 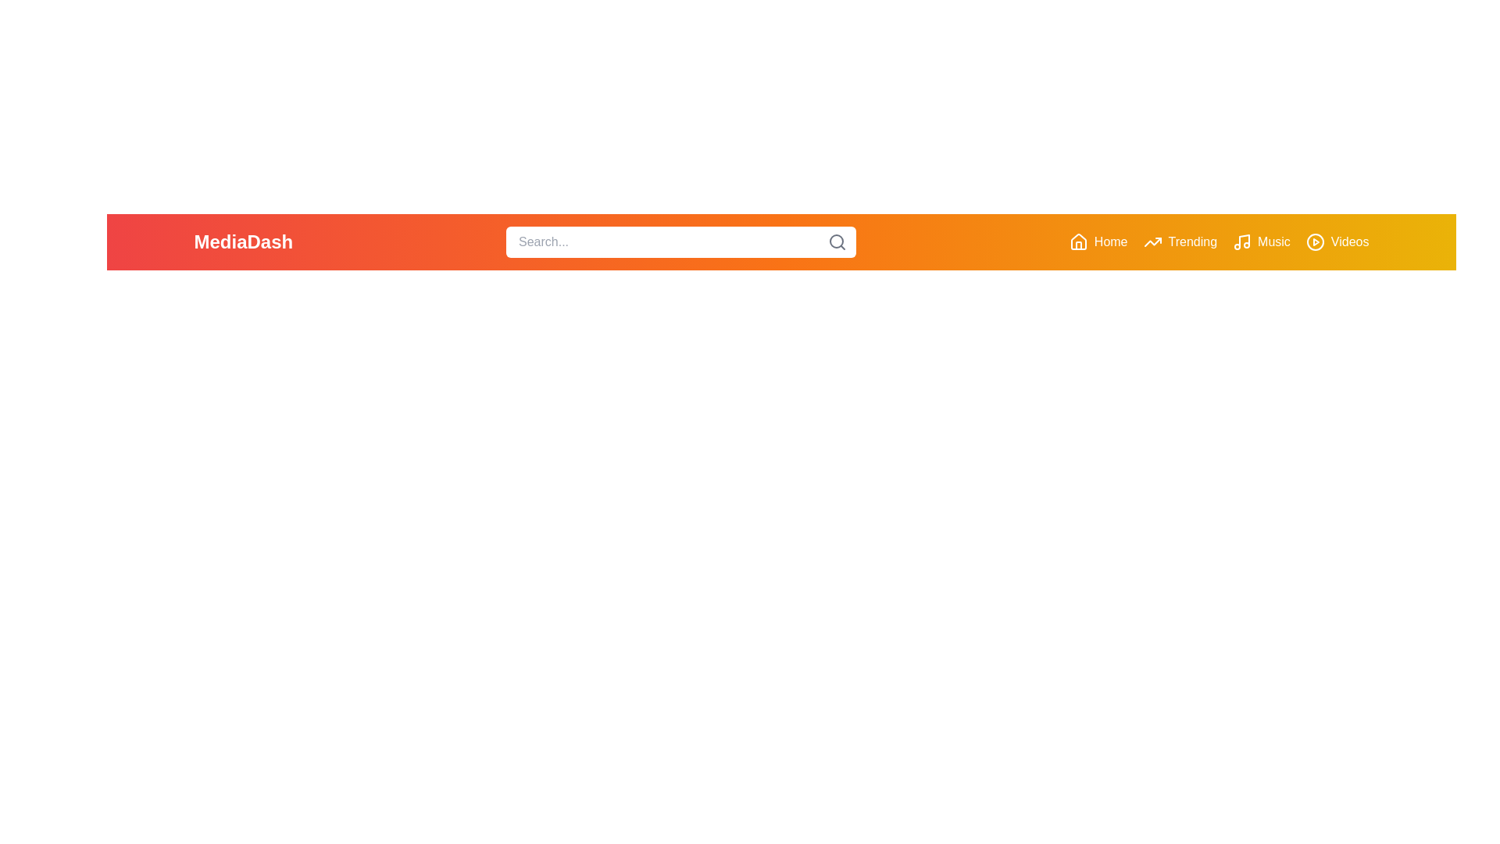 I want to click on the search input field to focus it, so click(x=681, y=241).